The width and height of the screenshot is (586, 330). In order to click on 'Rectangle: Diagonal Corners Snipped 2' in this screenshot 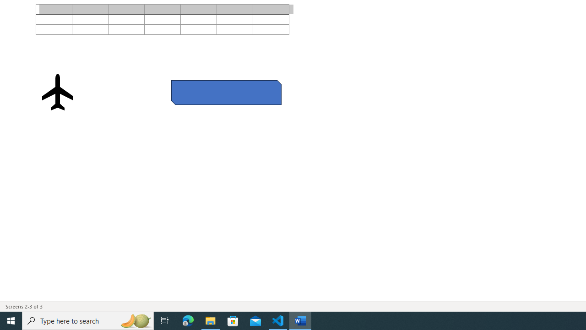, I will do `click(226, 92)`.